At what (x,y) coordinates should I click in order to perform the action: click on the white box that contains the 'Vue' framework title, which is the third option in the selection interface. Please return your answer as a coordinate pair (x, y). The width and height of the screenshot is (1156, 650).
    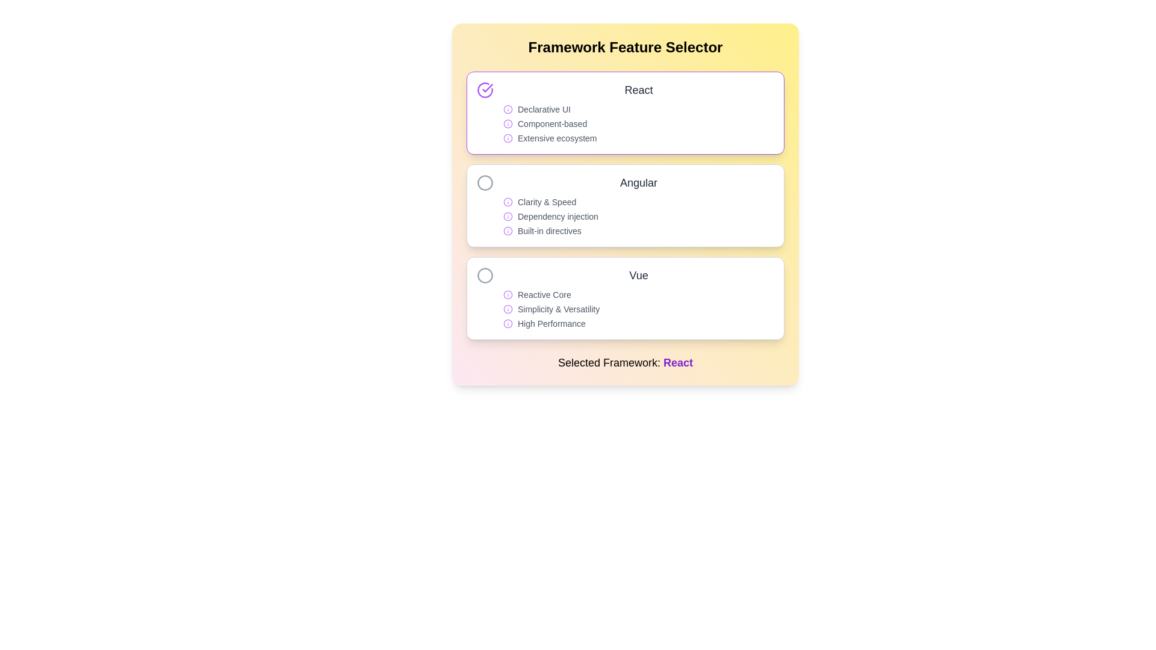
    Looking at the image, I should click on (638, 276).